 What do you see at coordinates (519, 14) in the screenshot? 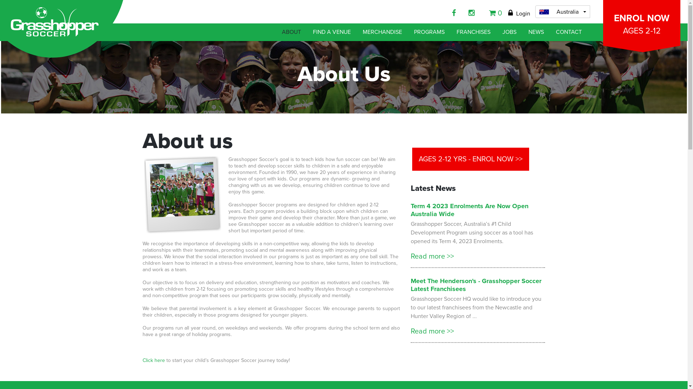
I see `'Login'` at bounding box center [519, 14].